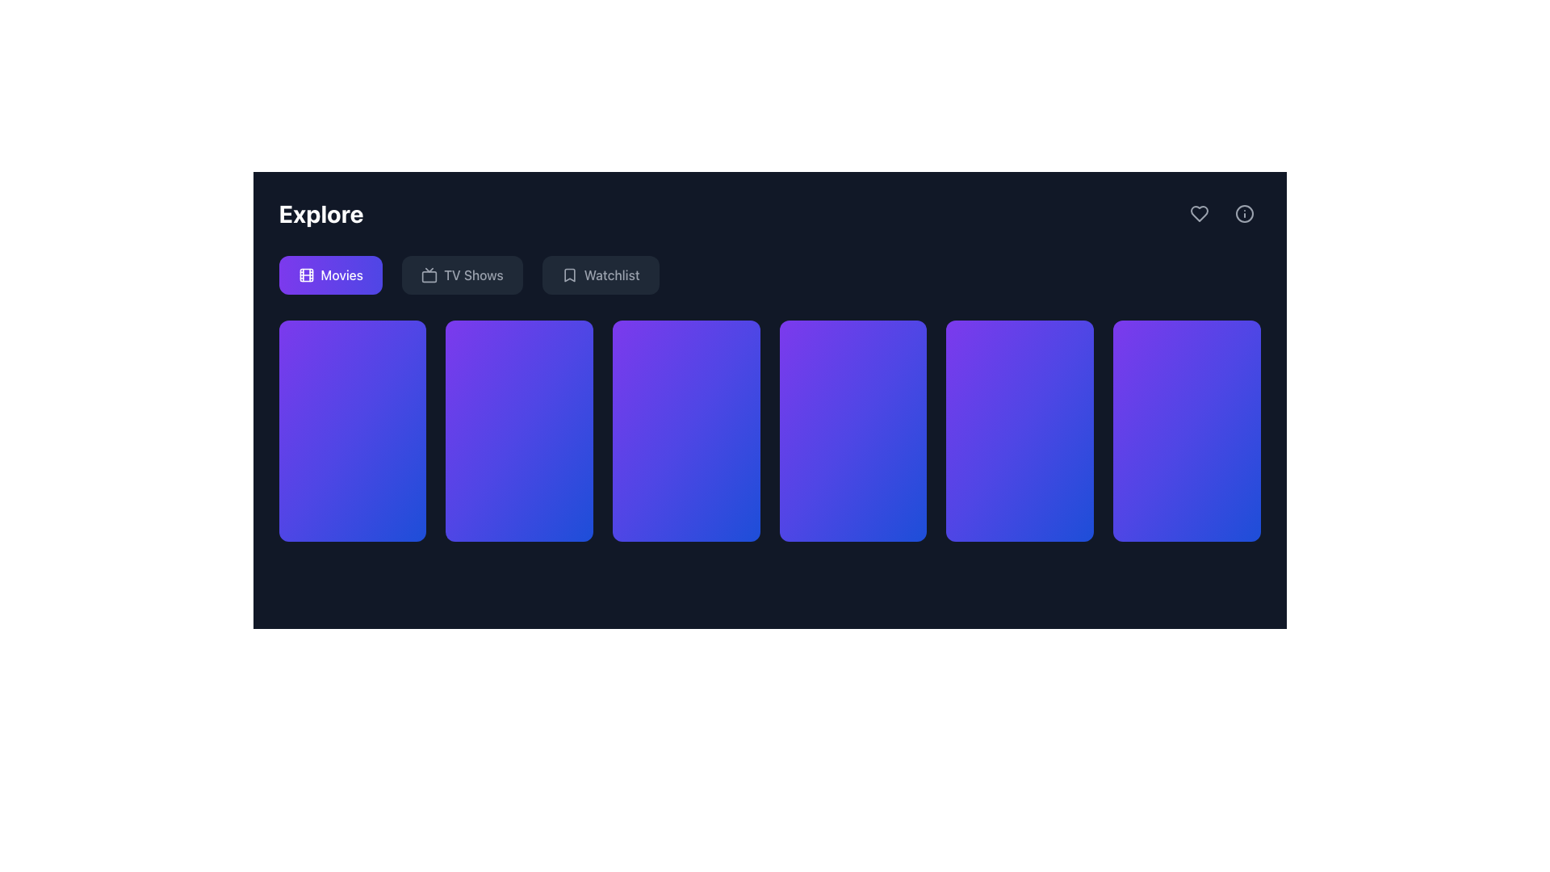 This screenshot has width=1550, height=872. What do you see at coordinates (1243, 213) in the screenshot?
I see `the information icon, which is a small circular icon with a gray stroke located at the top-right corner of the interface, adjacent to a heart-shaped icon` at bounding box center [1243, 213].